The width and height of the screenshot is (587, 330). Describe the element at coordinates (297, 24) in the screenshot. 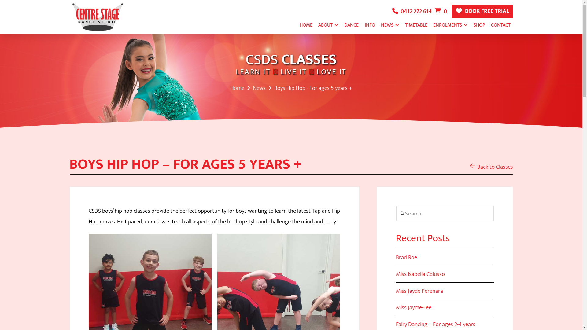

I see `'HOME'` at that location.